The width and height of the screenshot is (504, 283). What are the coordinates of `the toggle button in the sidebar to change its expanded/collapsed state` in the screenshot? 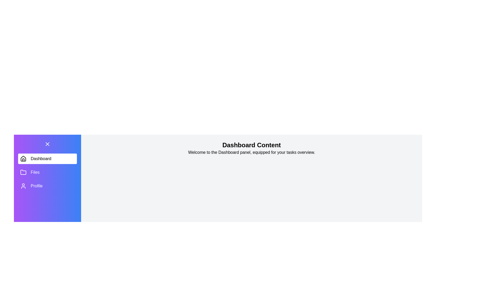 It's located at (48, 144).